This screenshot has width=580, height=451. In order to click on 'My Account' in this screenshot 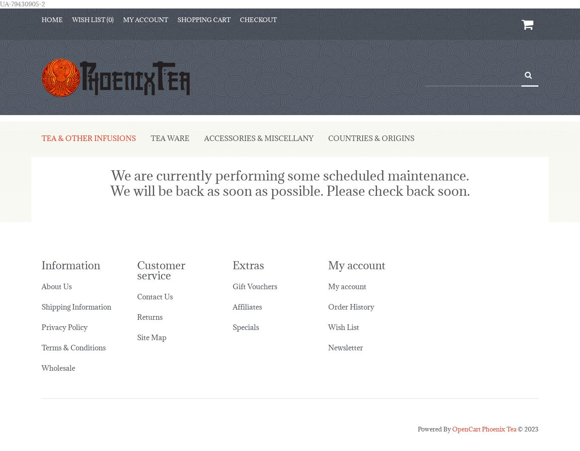, I will do `click(123, 20)`.